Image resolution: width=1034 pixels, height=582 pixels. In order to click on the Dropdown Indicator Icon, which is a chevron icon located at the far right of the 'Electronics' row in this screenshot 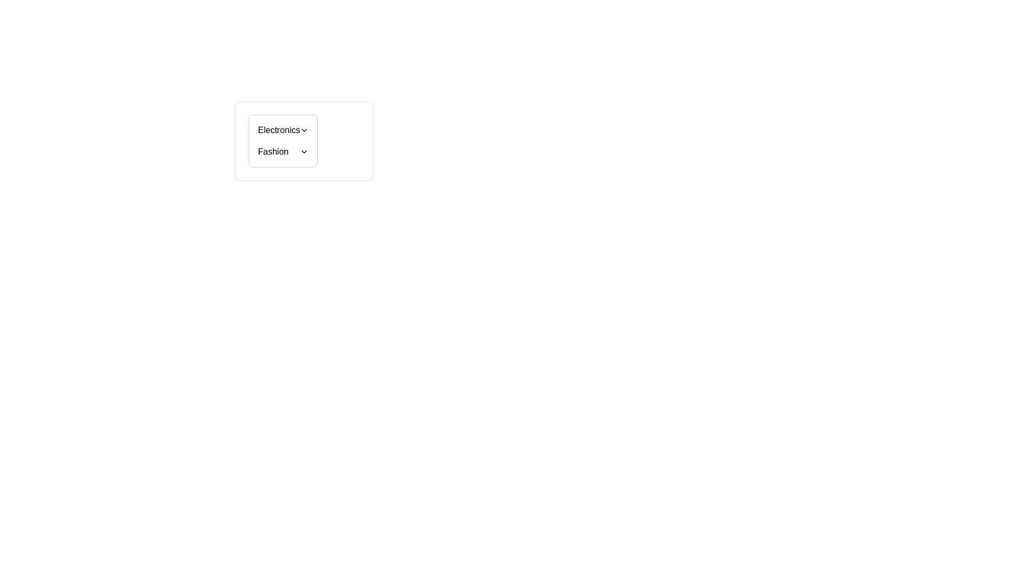, I will do `click(304, 130)`.